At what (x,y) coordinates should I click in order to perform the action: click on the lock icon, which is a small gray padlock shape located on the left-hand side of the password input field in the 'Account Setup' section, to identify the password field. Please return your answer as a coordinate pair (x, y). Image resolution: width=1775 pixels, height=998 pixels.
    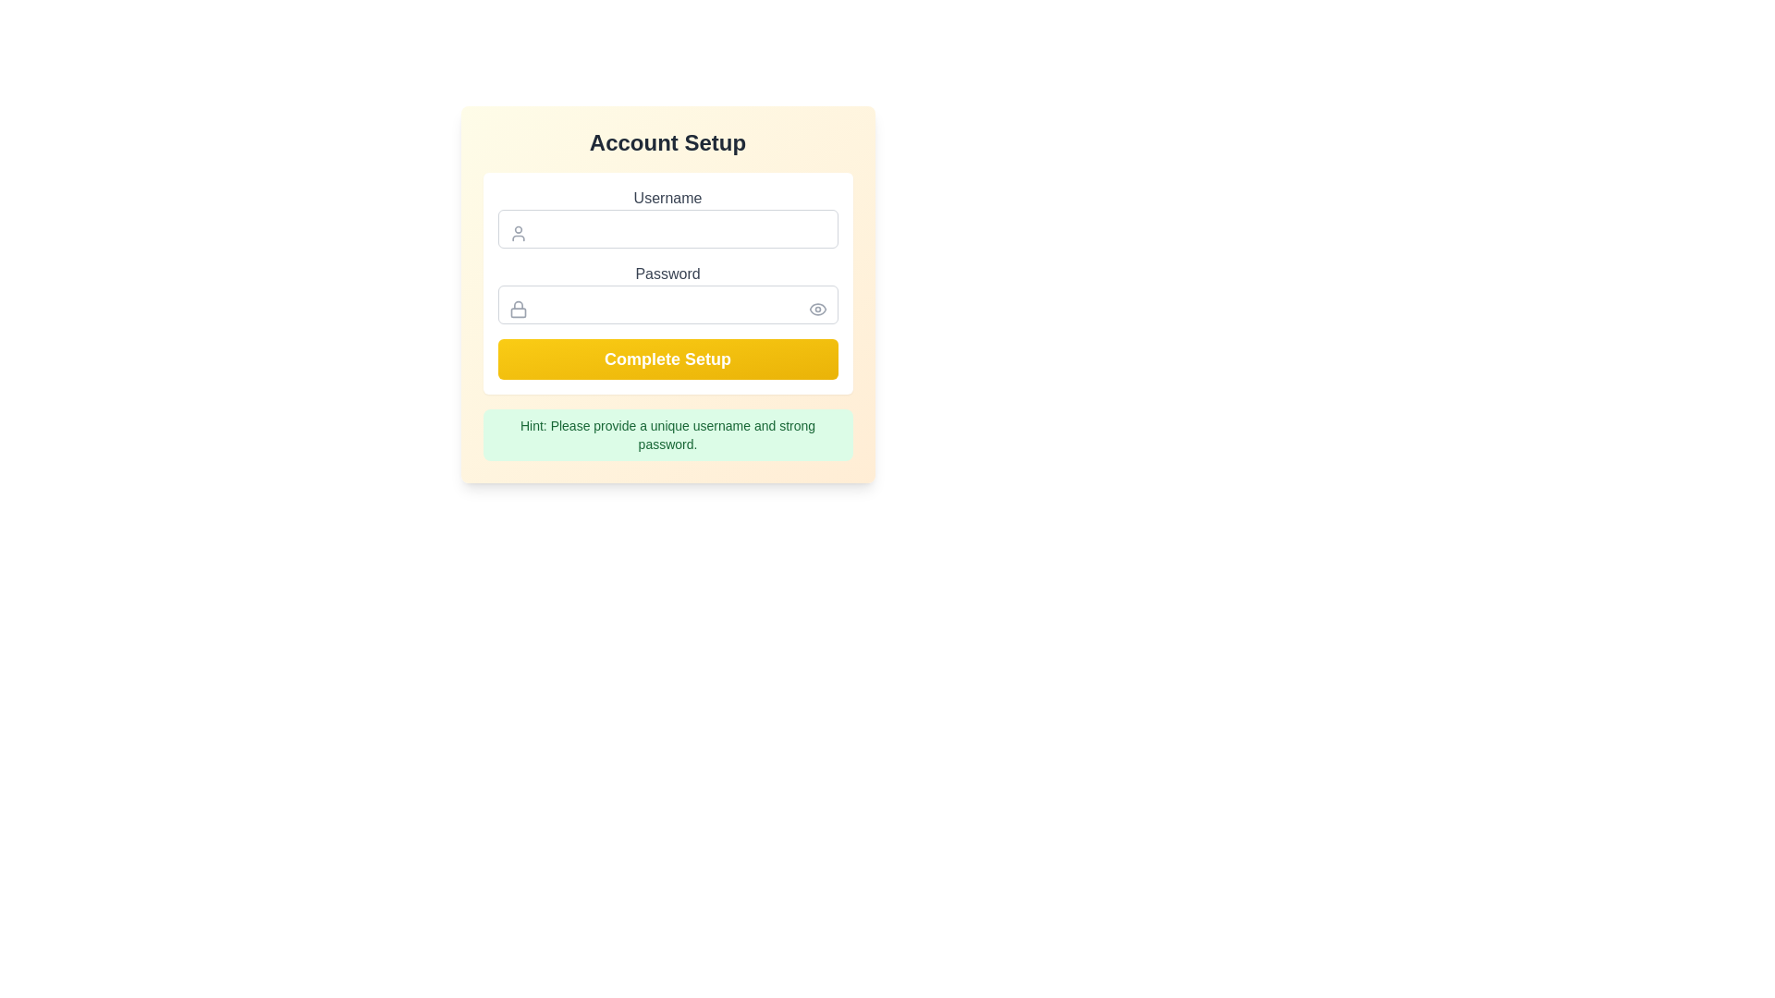
    Looking at the image, I should click on (518, 309).